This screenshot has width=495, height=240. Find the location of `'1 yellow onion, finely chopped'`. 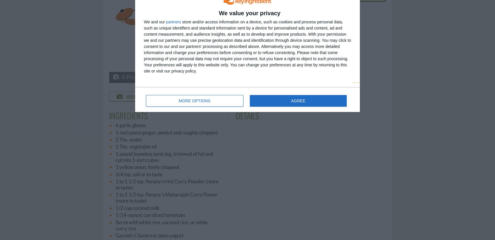

'1 yellow onion, finely chopped' is located at coordinates (115, 167).